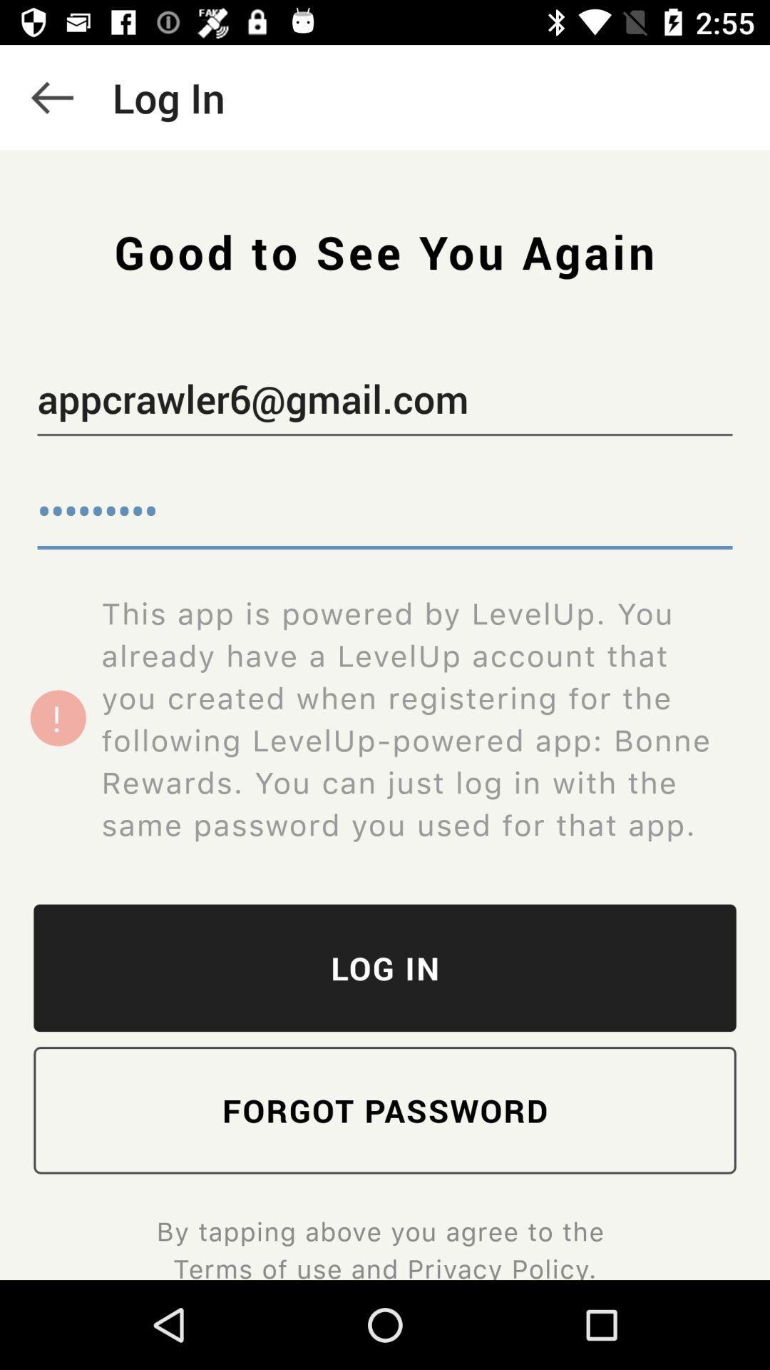 The height and width of the screenshot is (1370, 770). Describe the element at coordinates (51, 96) in the screenshot. I see `item next to the log in icon` at that location.